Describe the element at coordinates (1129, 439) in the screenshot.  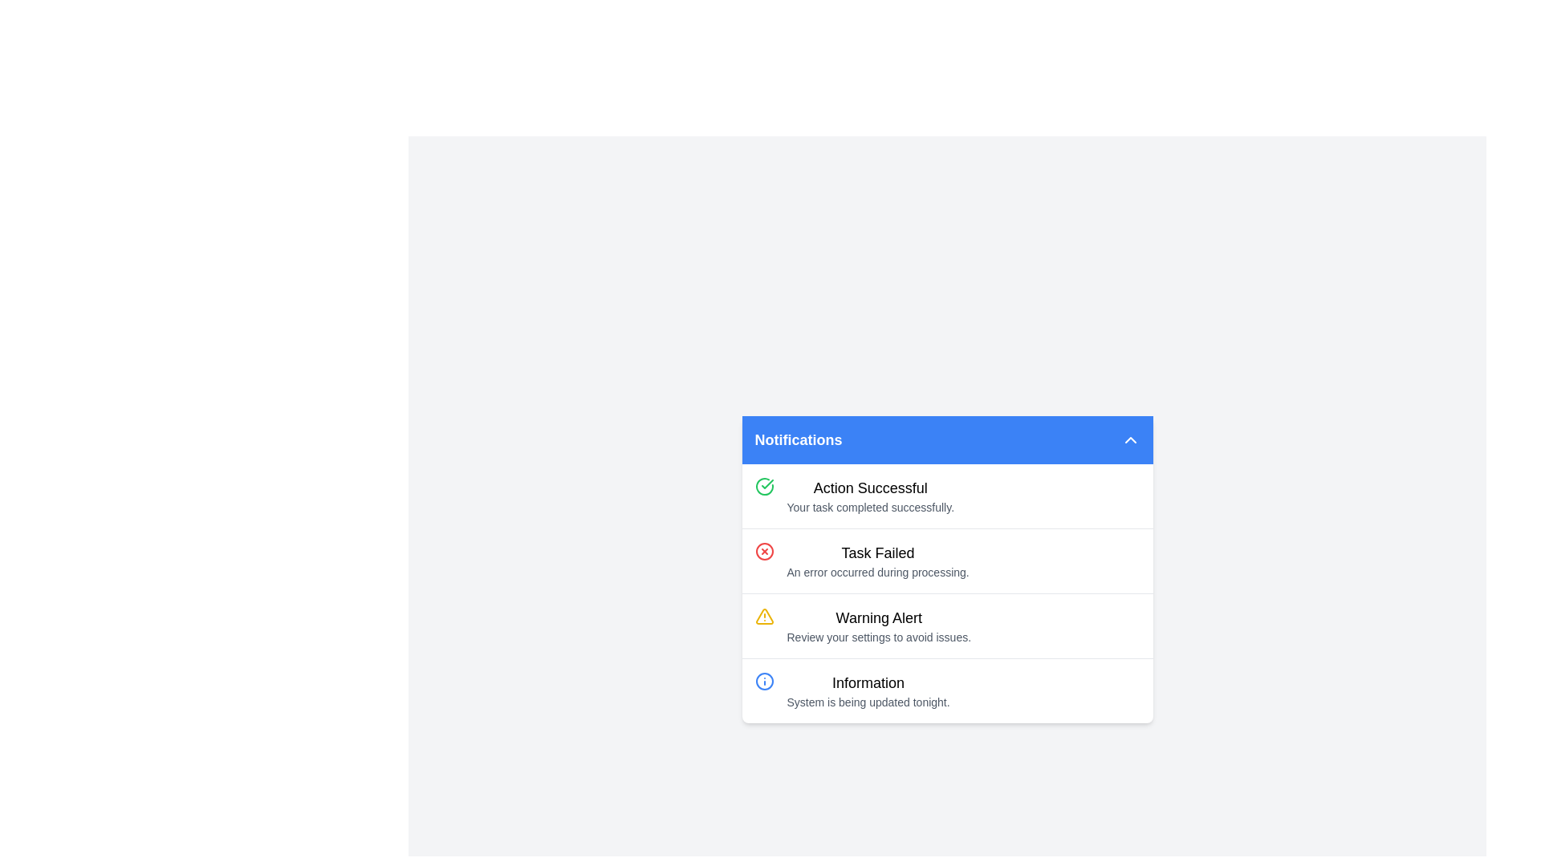
I see `the button located at the top-right corner of the 'Notifications' section` at that location.